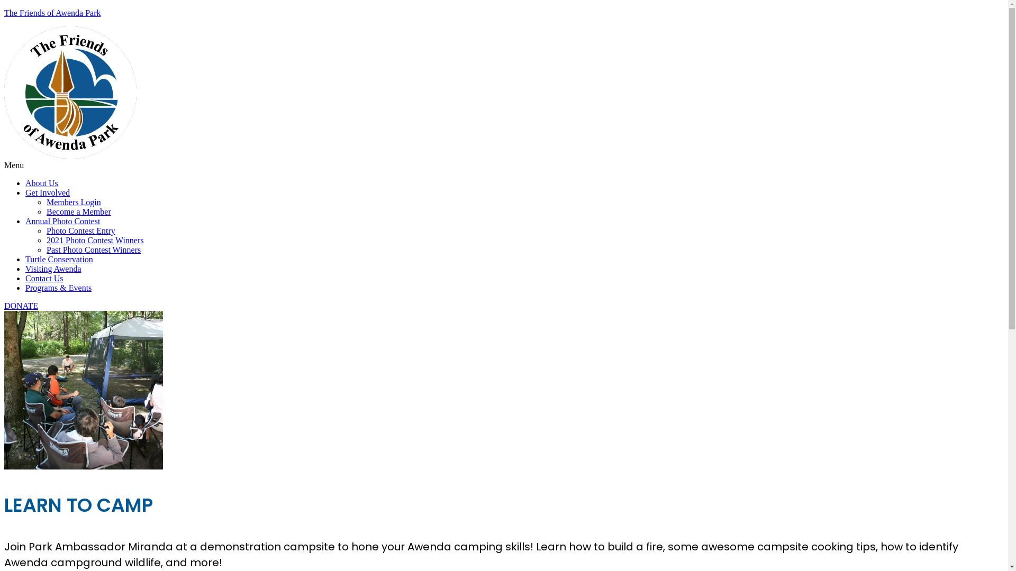 This screenshot has width=1016, height=571. What do you see at coordinates (52, 13) in the screenshot?
I see `'The Friends of Awenda Park'` at bounding box center [52, 13].